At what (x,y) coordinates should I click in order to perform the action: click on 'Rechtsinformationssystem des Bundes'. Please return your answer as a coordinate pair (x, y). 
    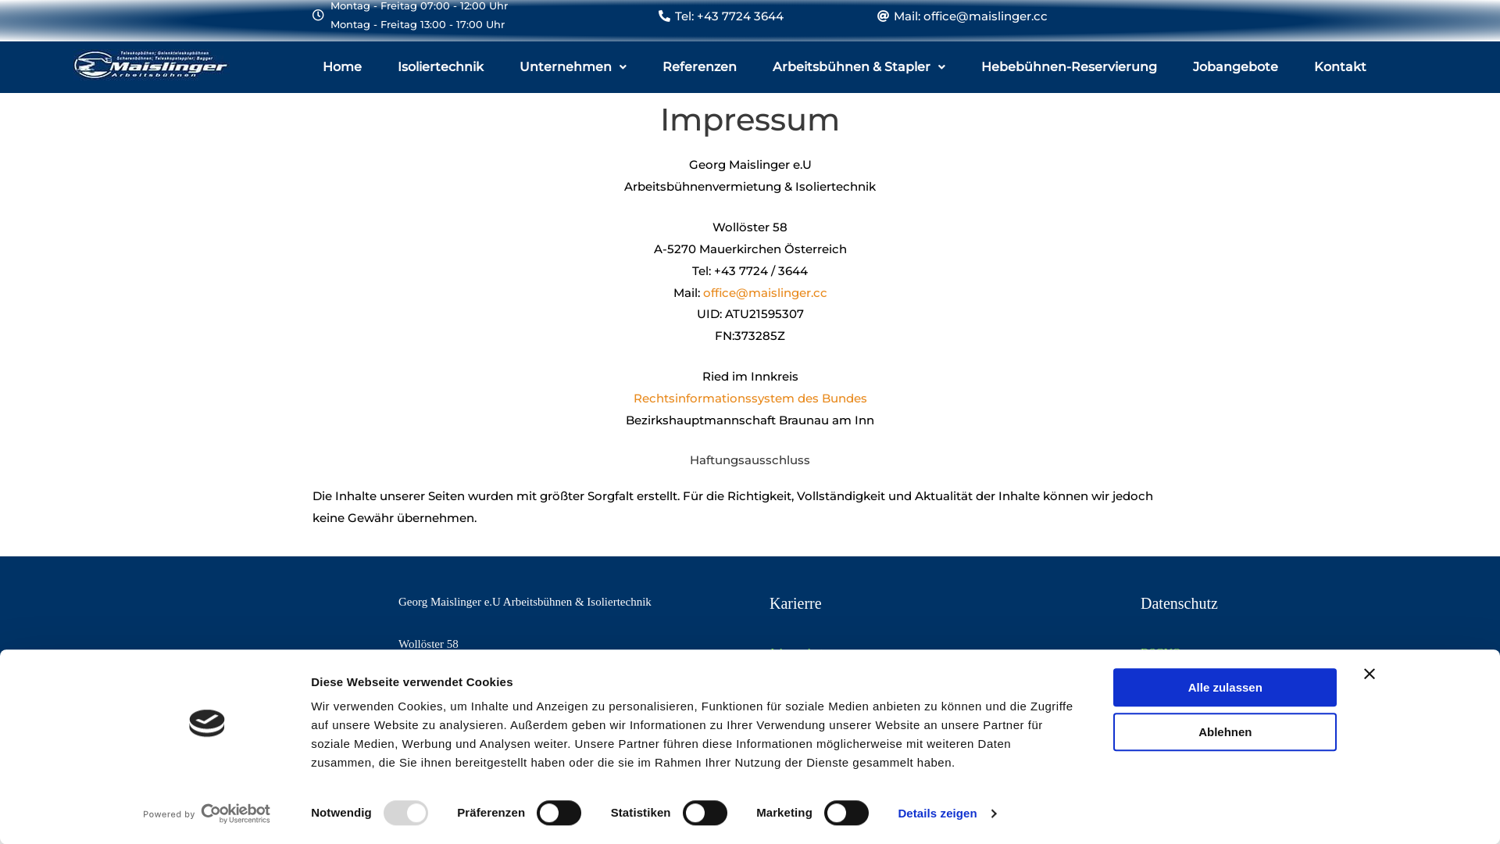
    Looking at the image, I should click on (748, 397).